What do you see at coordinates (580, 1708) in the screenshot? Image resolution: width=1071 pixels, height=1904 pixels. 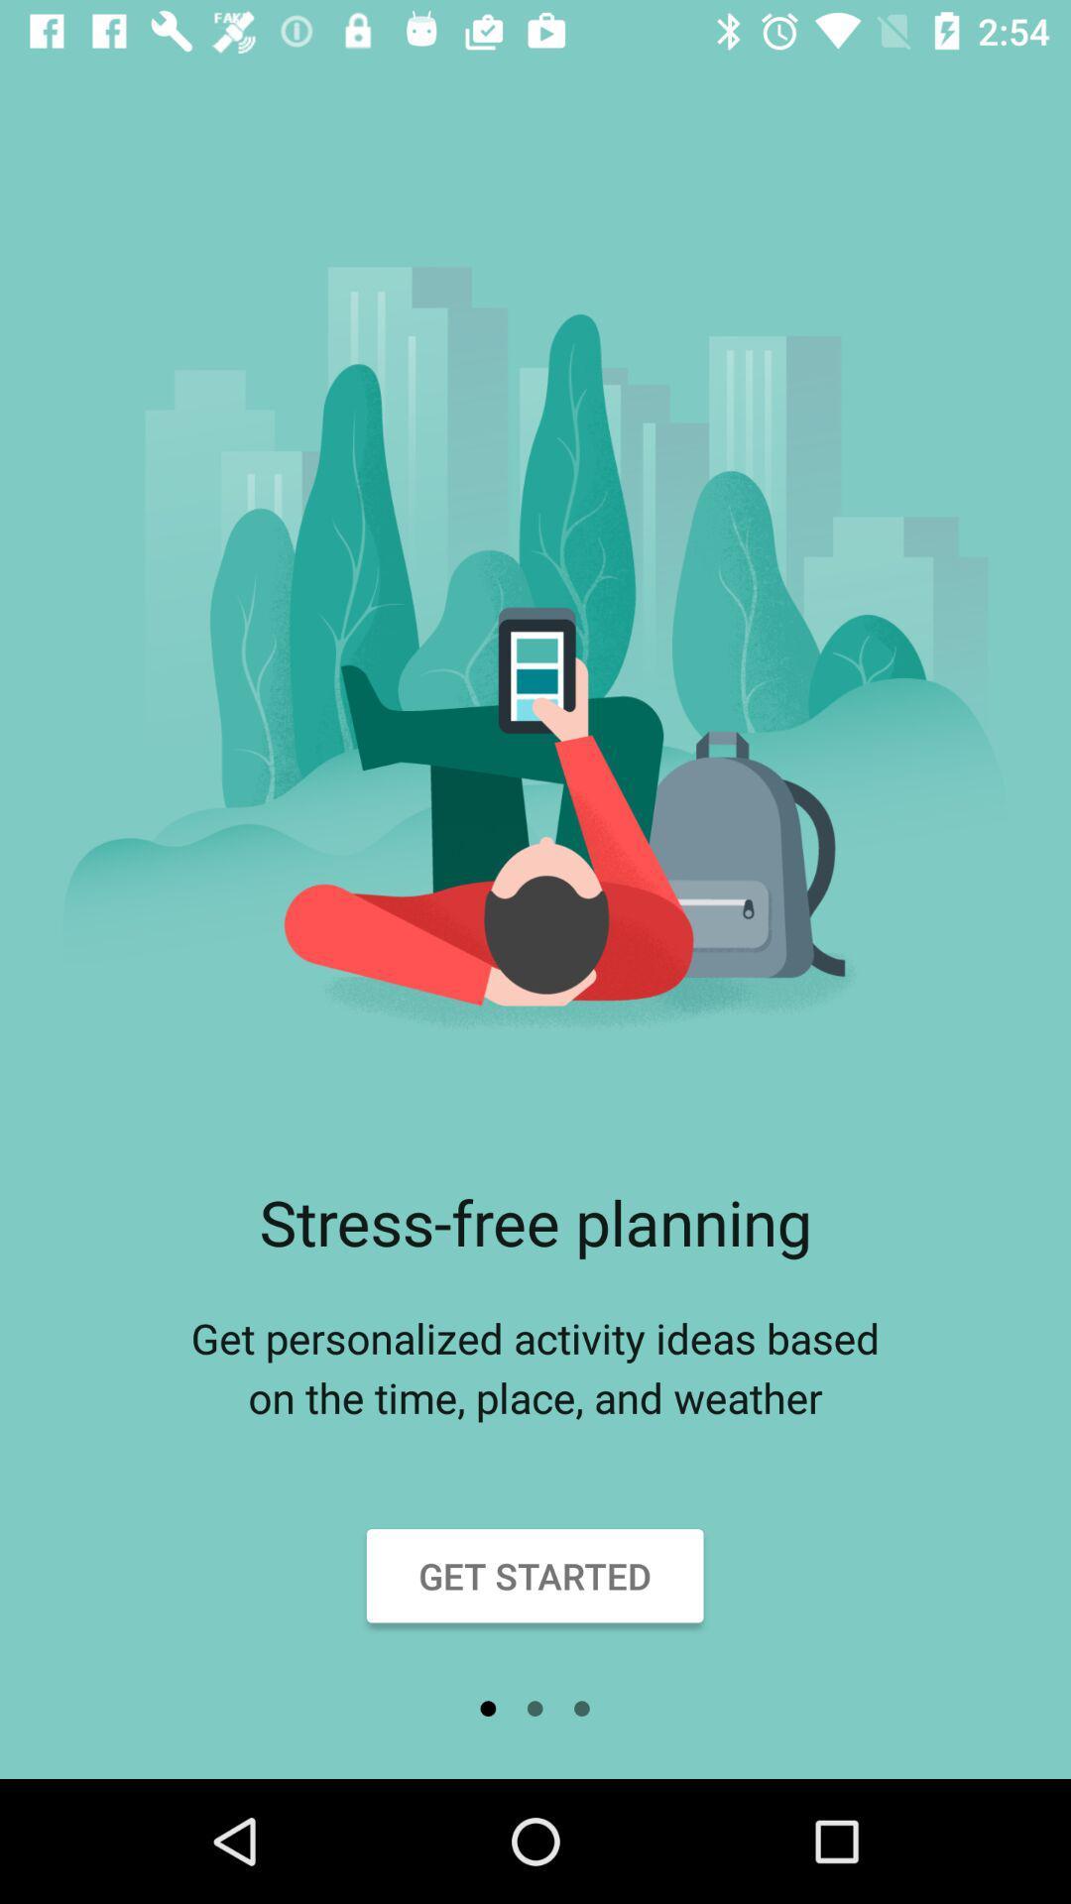 I see `the item below get started` at bounding box center [580, 1708].